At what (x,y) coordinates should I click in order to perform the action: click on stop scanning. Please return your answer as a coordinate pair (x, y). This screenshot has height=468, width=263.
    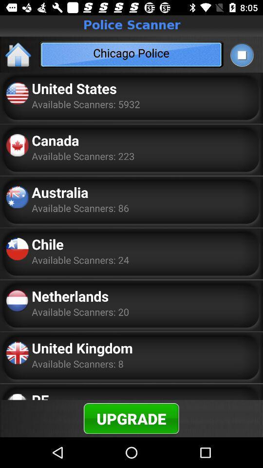
    Looking at the image, I should click on (241, 55).